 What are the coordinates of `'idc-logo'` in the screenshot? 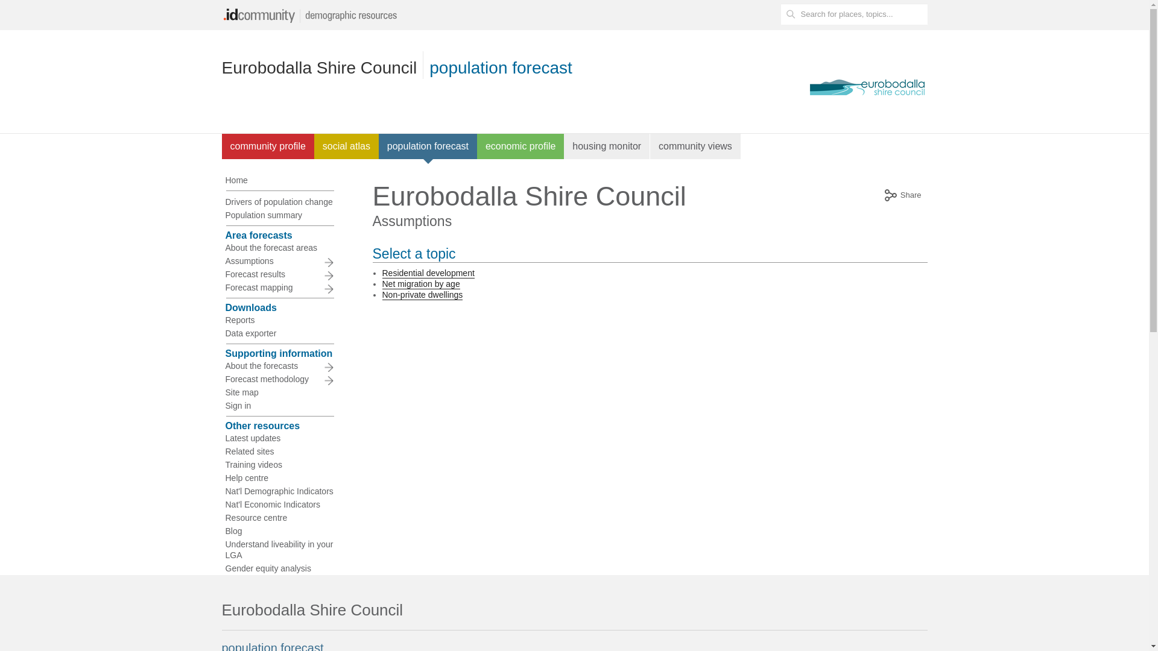 It's located at (312, 14).